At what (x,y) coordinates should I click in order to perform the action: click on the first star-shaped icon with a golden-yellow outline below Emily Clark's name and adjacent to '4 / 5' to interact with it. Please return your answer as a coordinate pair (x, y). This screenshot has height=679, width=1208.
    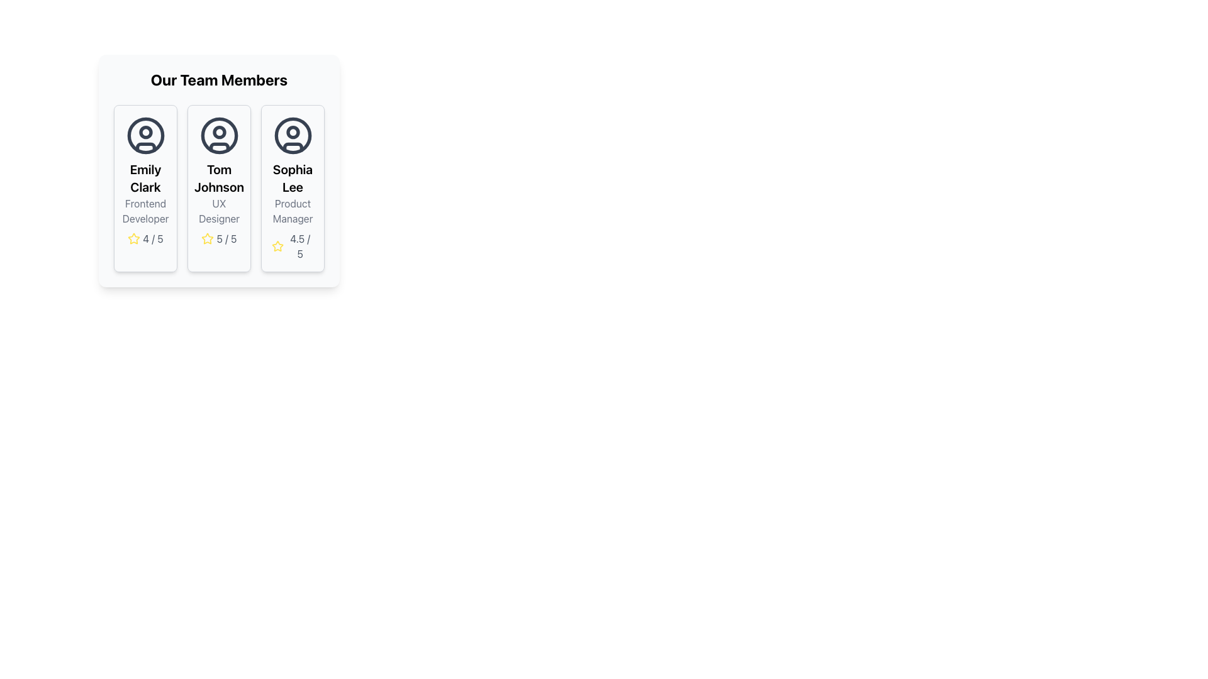
    Looking at the image, I should click on (134, 238).